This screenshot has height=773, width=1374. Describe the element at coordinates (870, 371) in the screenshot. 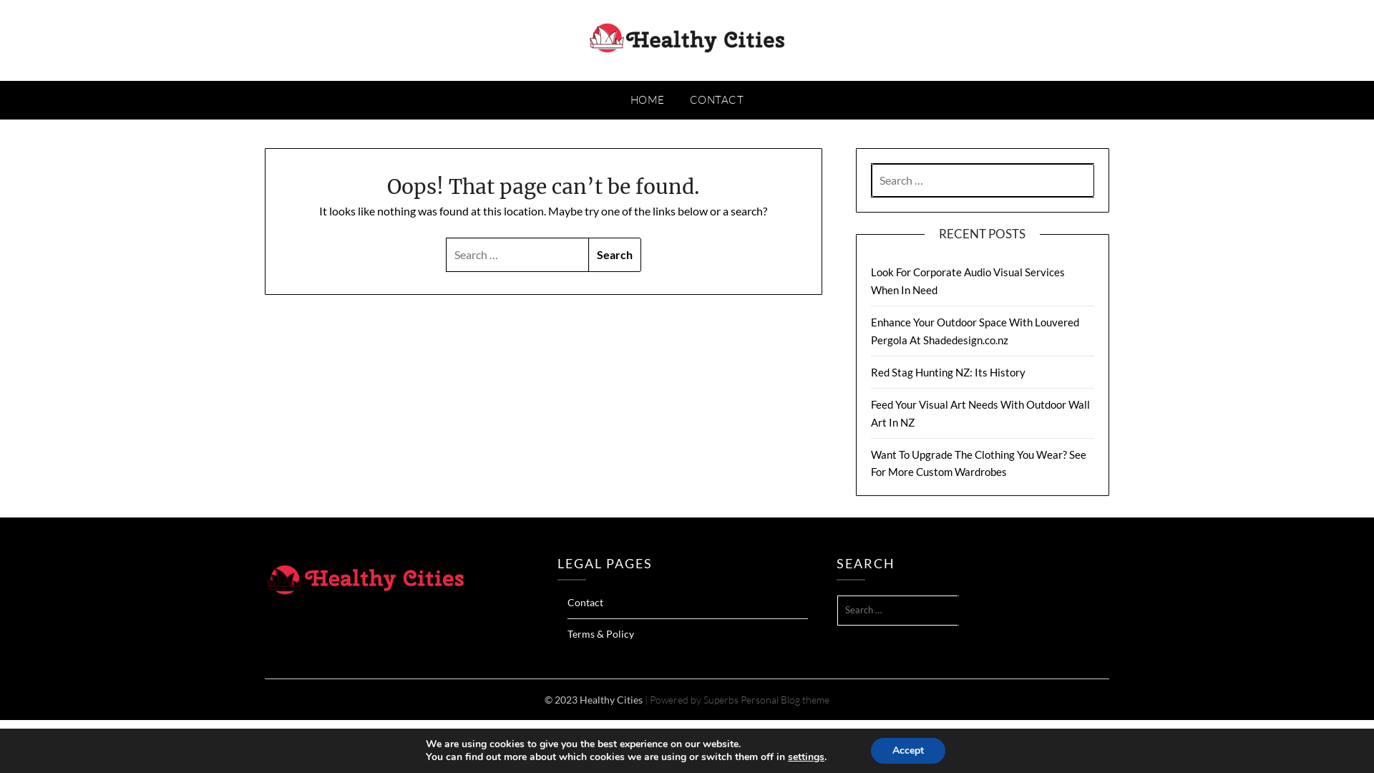

I see `'Red Stag Hunting NZ: Its History'` at that location.